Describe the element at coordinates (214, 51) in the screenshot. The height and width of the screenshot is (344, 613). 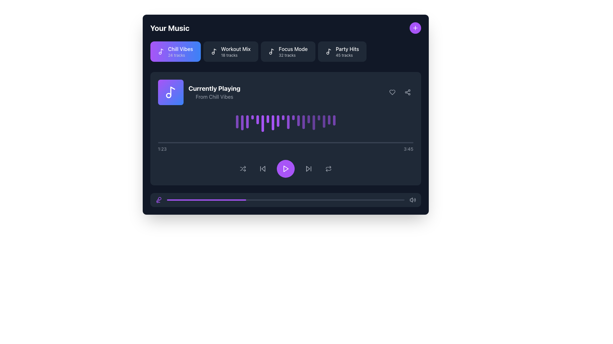
I see `the musical note icon that is part of the 'Workout Mix' button, which features text indicating '18 tracks' and is located near the top center of the interface` at that location.